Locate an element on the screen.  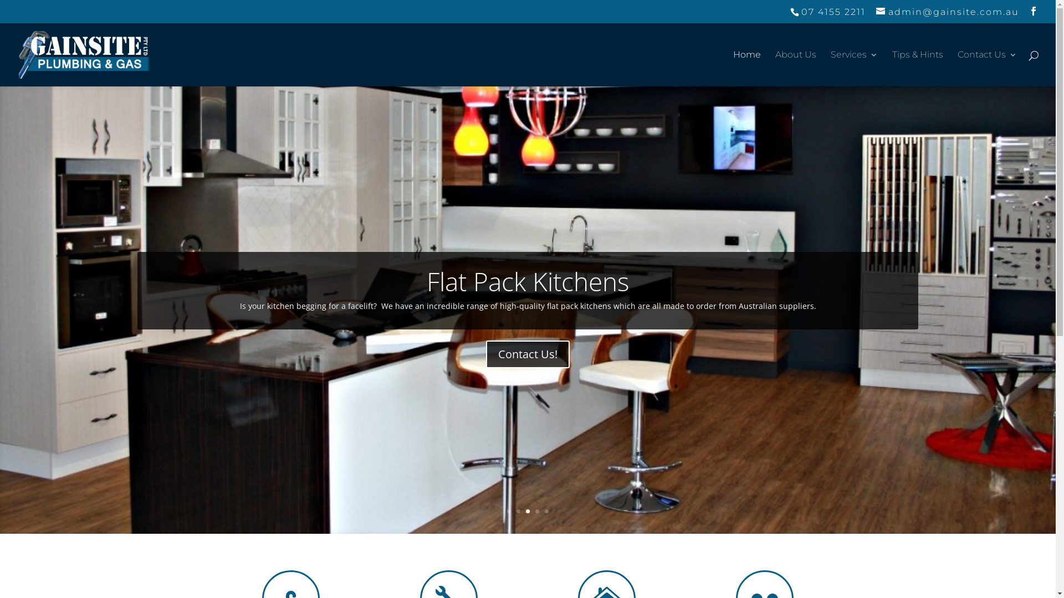
'Contact Us!' is located at coordinates (527, 354).